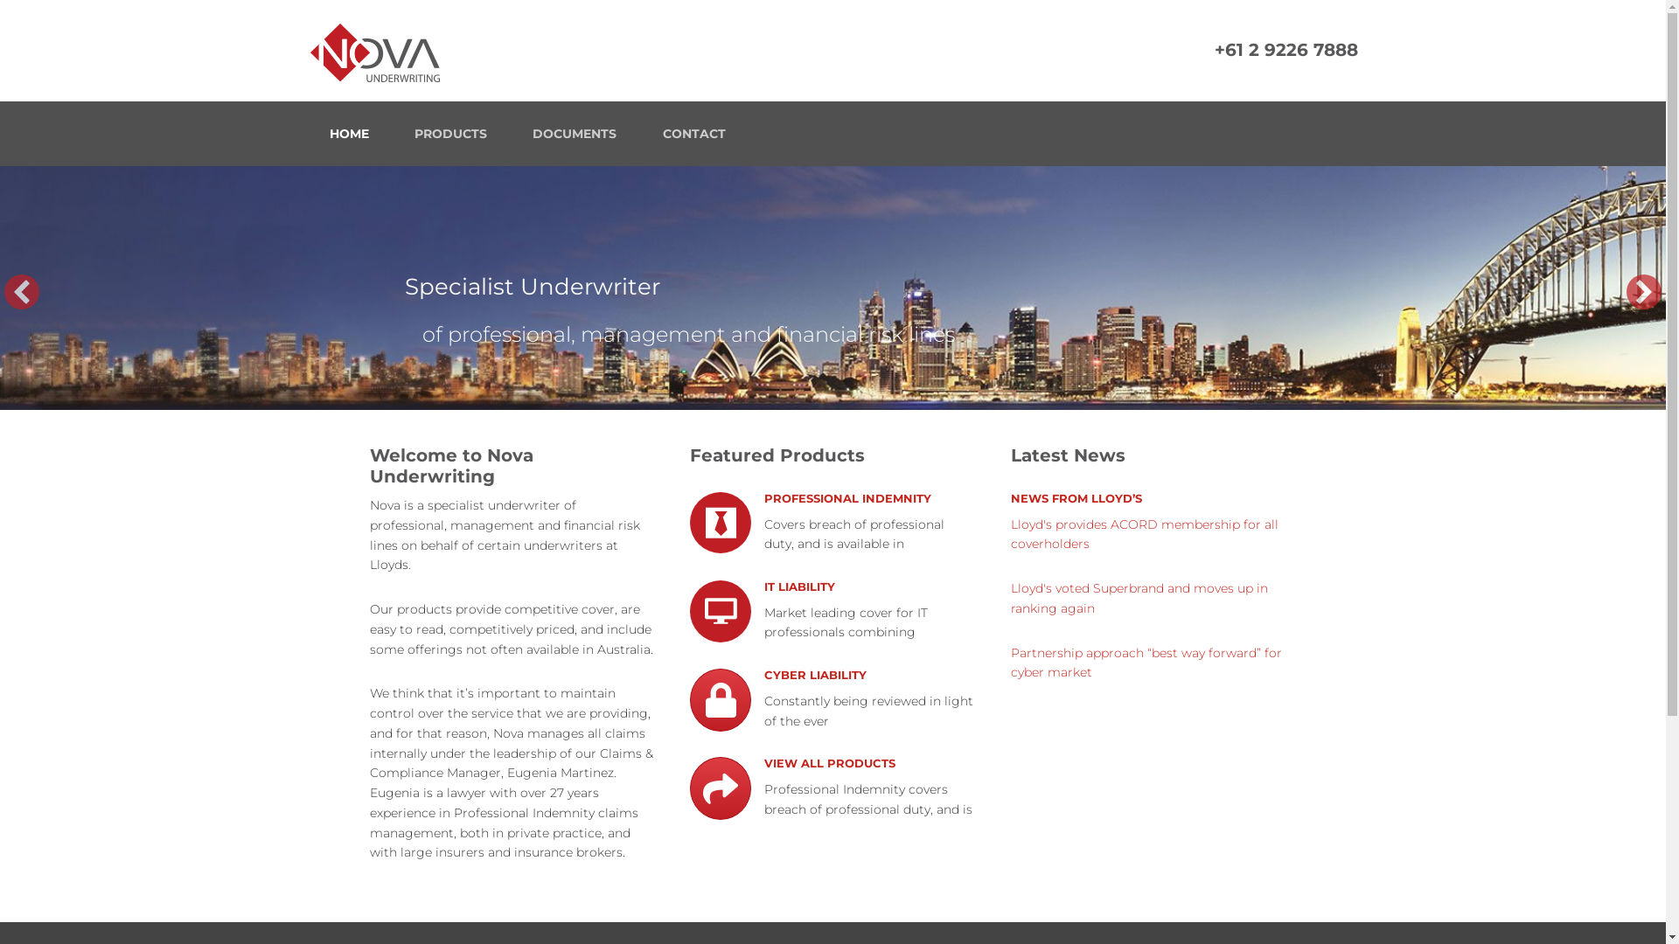 This screenshot has height=944, width=1679. I want to click on 'DOCUMENTS', so click(575, 133).